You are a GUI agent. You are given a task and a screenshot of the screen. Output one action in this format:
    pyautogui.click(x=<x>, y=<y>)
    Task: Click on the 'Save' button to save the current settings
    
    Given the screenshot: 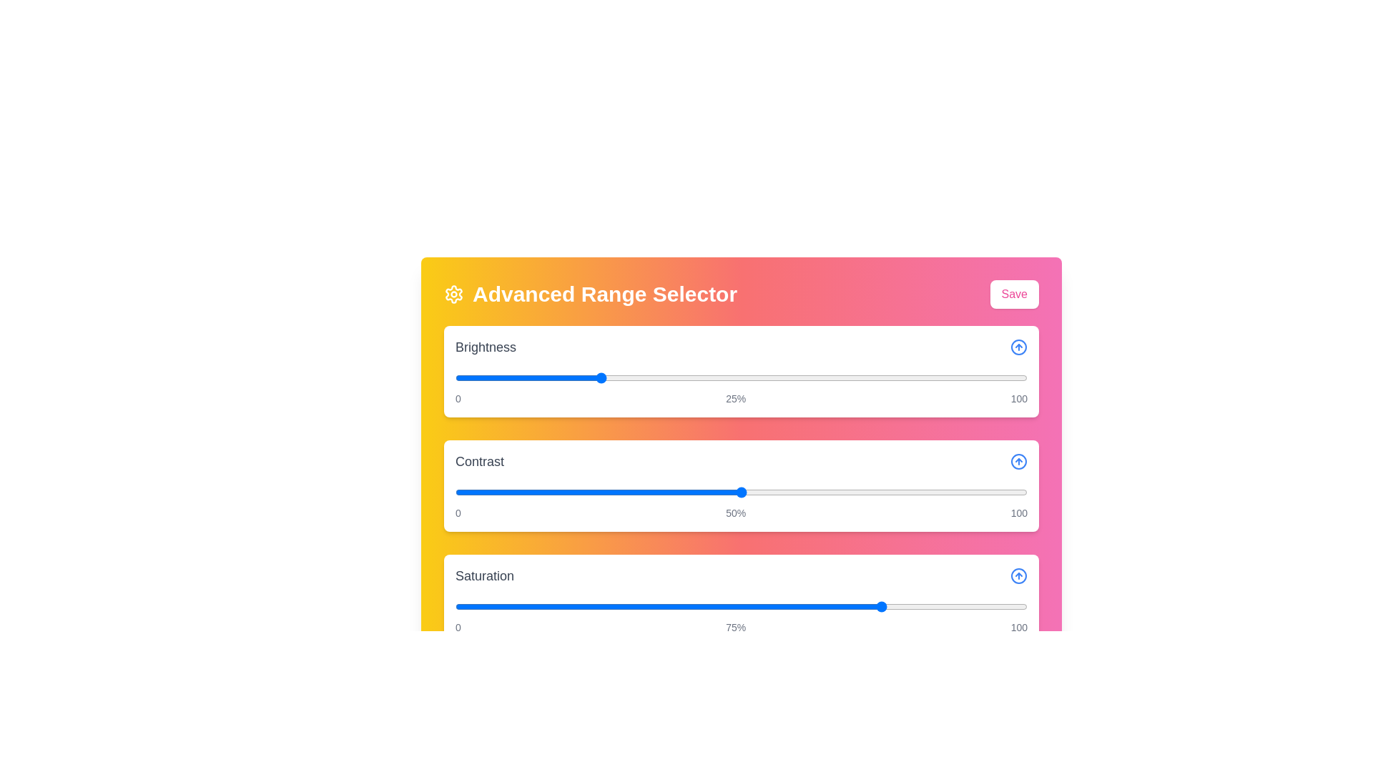 What is the action you would take?
    pyautogui.click(x=1013, y=294)
    